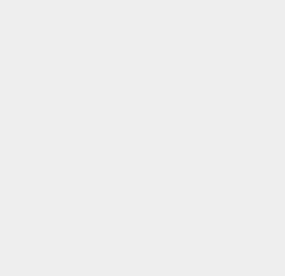  What do you see at coordinates (202, 268) in the screenshot?
I see `'Stock Photography'` at bounding box center [202, 268].